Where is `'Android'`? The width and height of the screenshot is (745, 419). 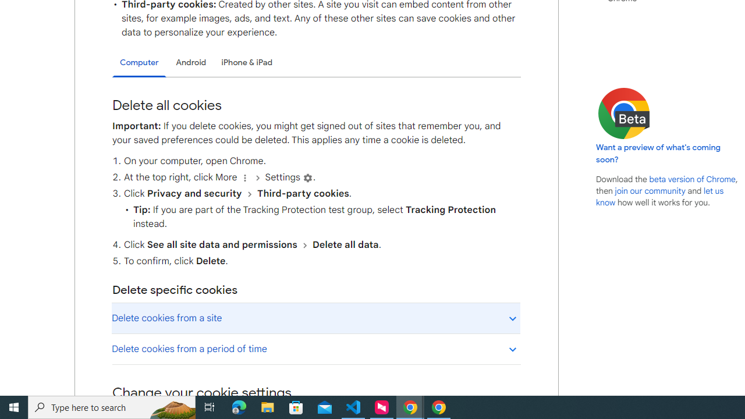
'Android' is located at coordinates (191, 62).